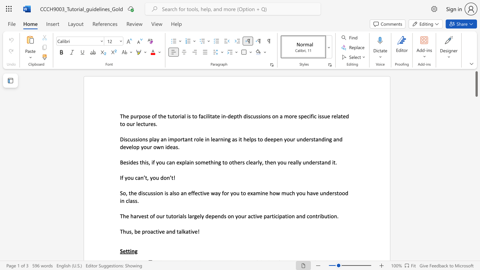  What do you see at coordinates (476, 240) in the screenshot?
I see `the scrollbar to scroll the page down` at bounding box center [476, 240].